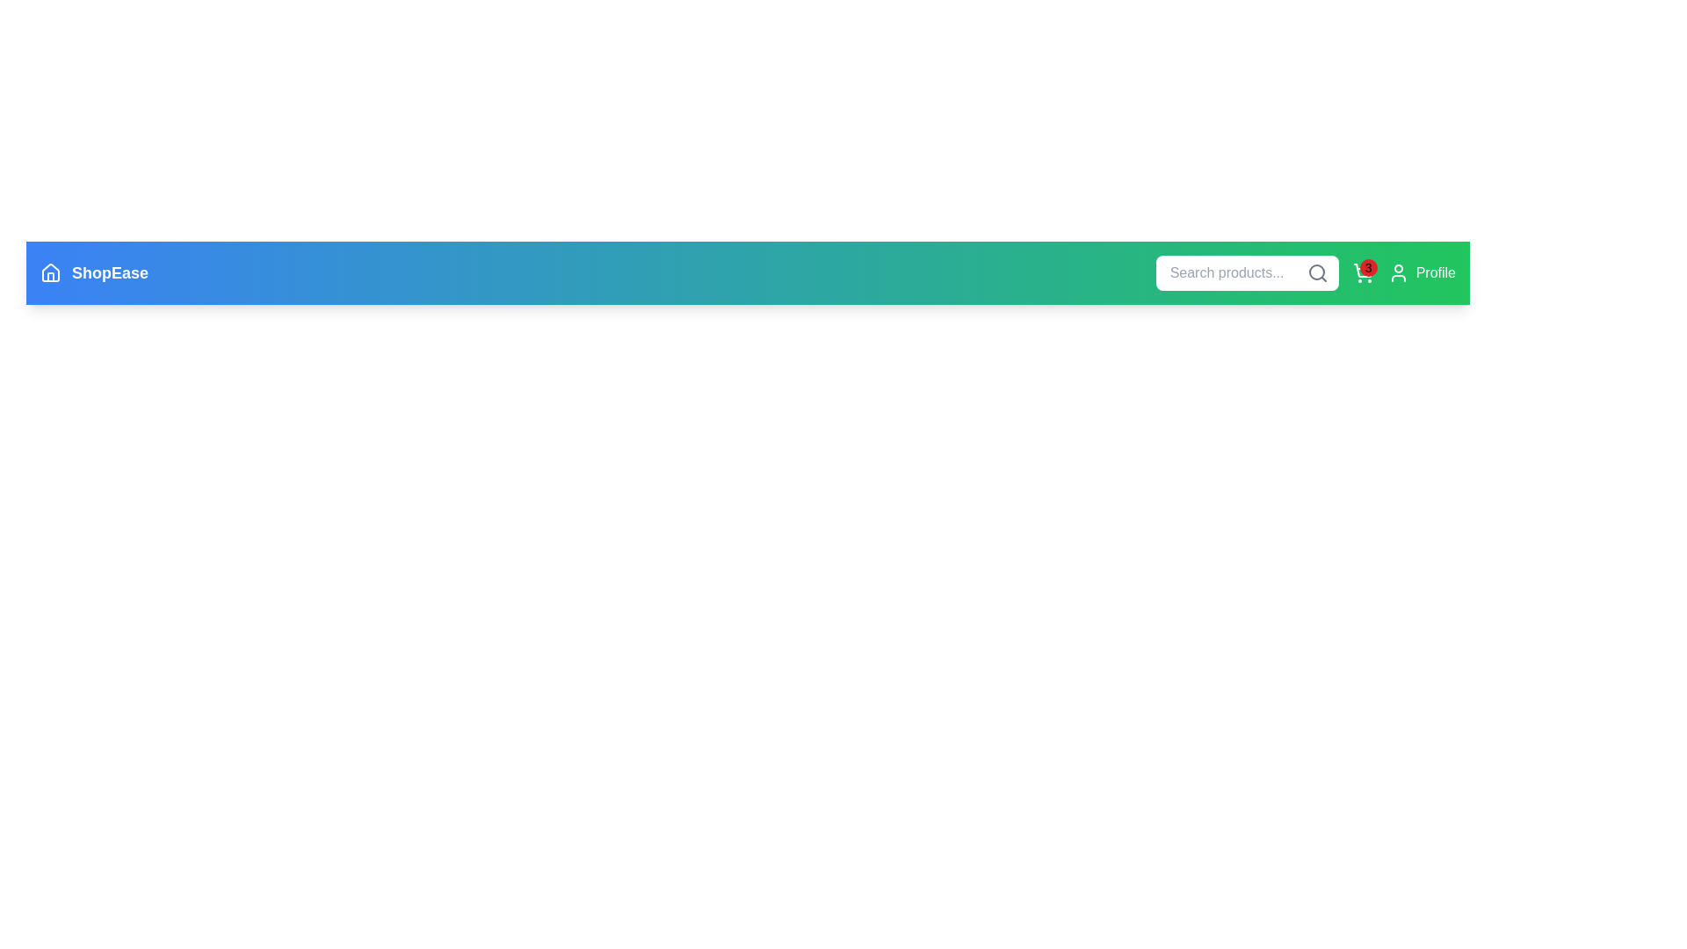 This screenshot has width=1687, height=949. What do you see at coordinates (50, 273) in the screenshot?
I see `the Home icon to navigate to the homepage` at bounding box center [50, 273].